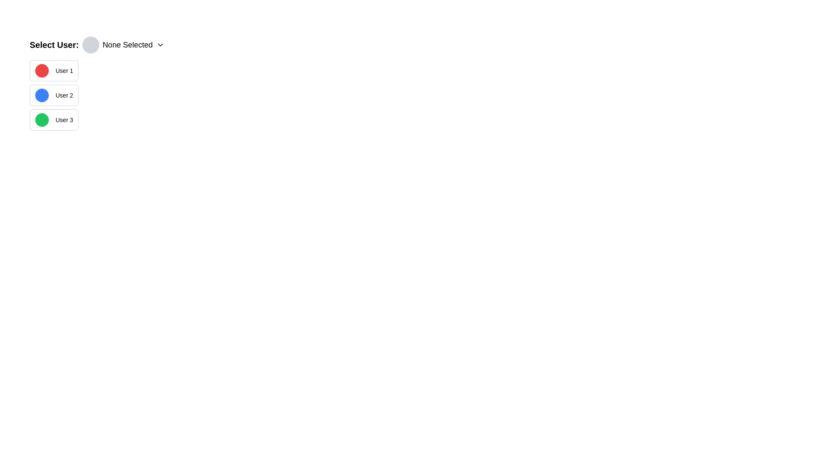  What do you see at coordinates (53, 70) in the screenshot?
I see `the button labeled 'User 1' which has a red circular icon to the left` at bounding box center [53, 70].